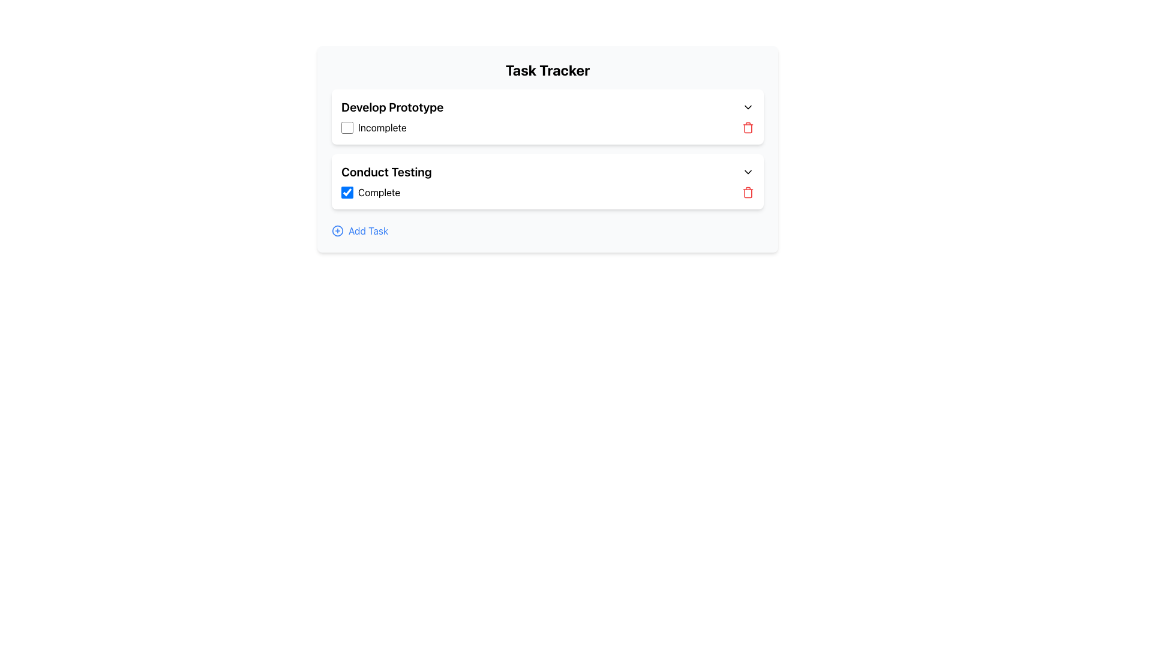 The height and width of the screenshot is (648, 1152). I want to click on the checkbox for the 'Develop Prototype' task, so click(347, 127).